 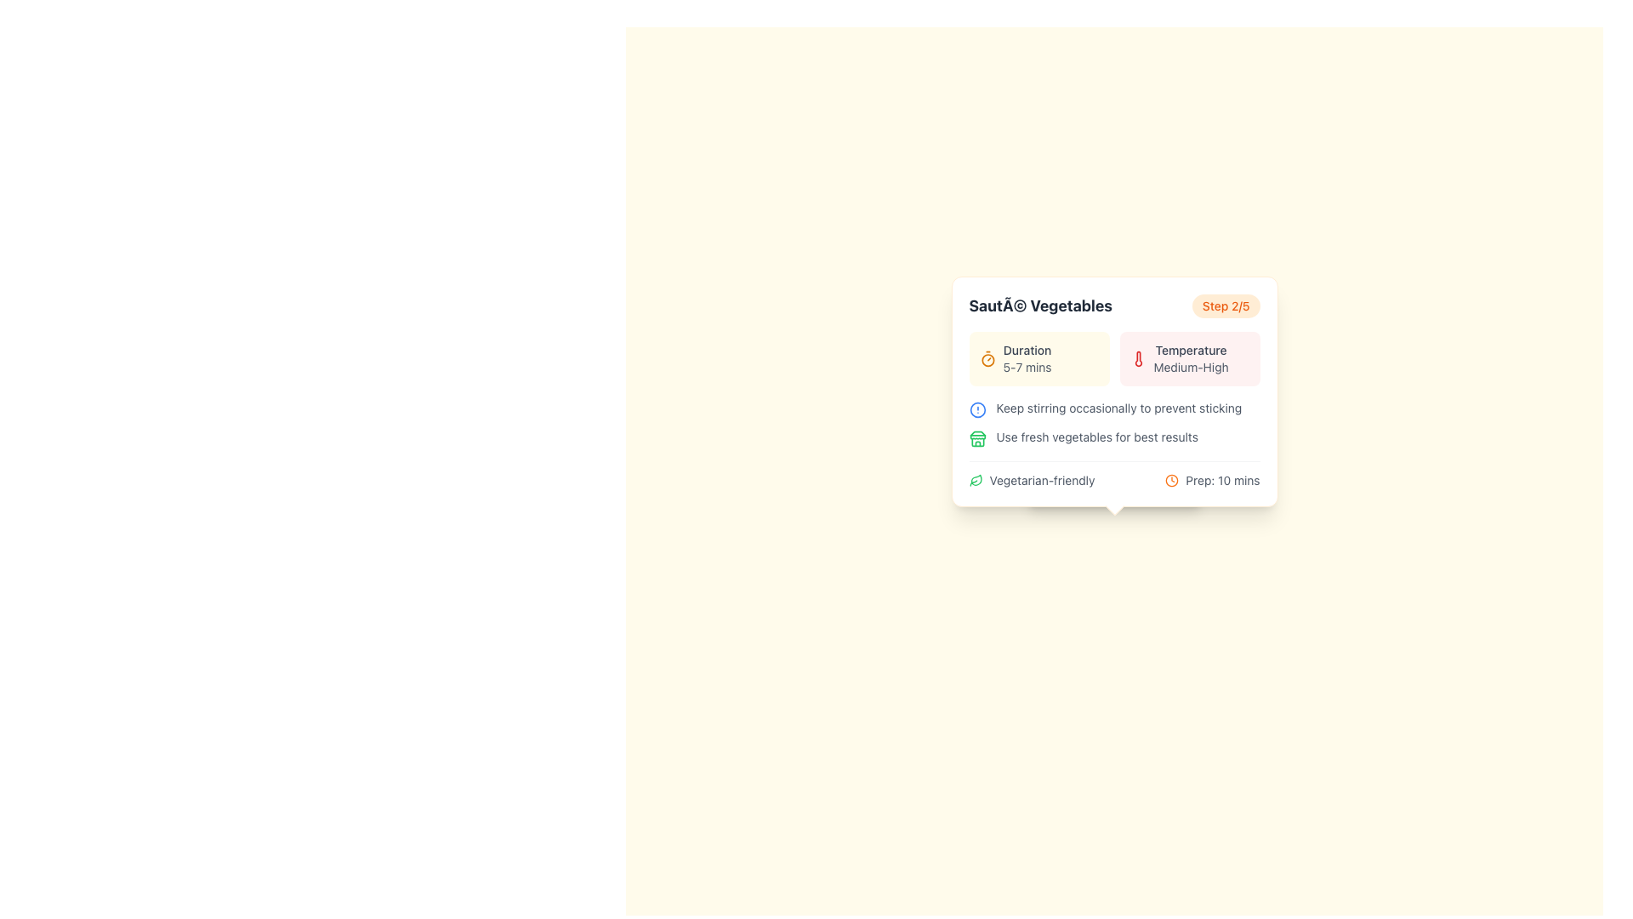 What do you see at coordinates (1171, 480) in the screenshot?
I see `the SVG circle element that is part of the clock icon, located to the left of the 'Duration' label` at bounding box center [1171, 480].